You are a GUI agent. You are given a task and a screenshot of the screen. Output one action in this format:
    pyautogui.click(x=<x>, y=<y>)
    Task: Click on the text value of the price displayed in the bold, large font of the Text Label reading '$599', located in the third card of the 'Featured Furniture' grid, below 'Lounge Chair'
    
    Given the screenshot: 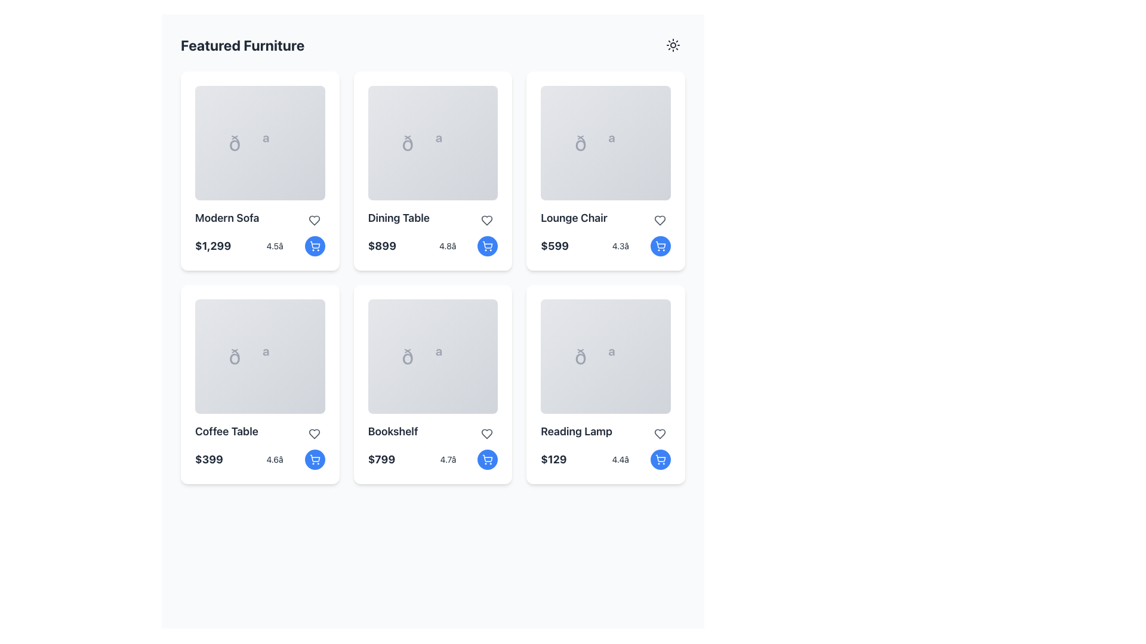 What is the action you would take?
    pyautogui.click(x=554, y=245)
    